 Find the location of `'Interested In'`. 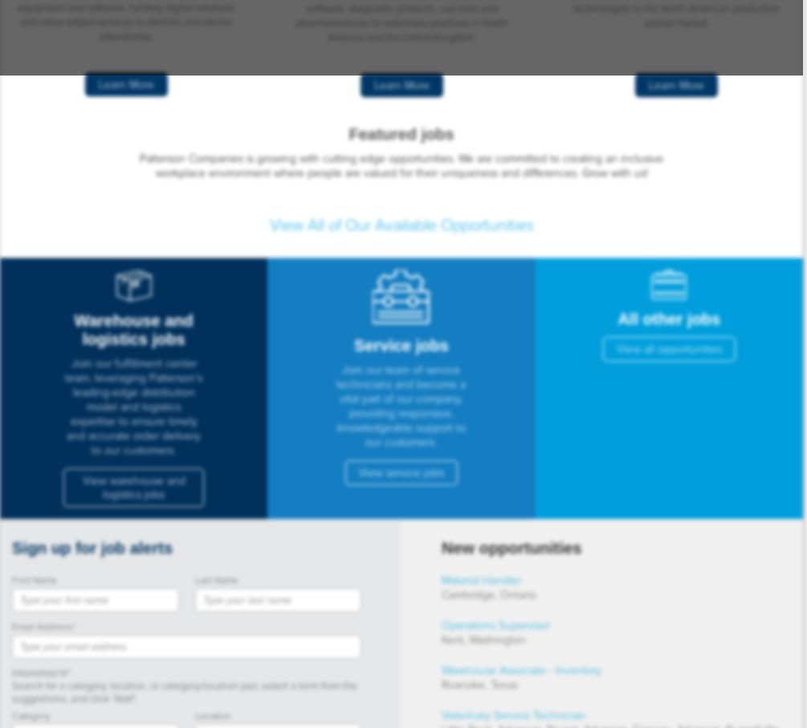

'Interested In' is located at coordinates (39, 672).